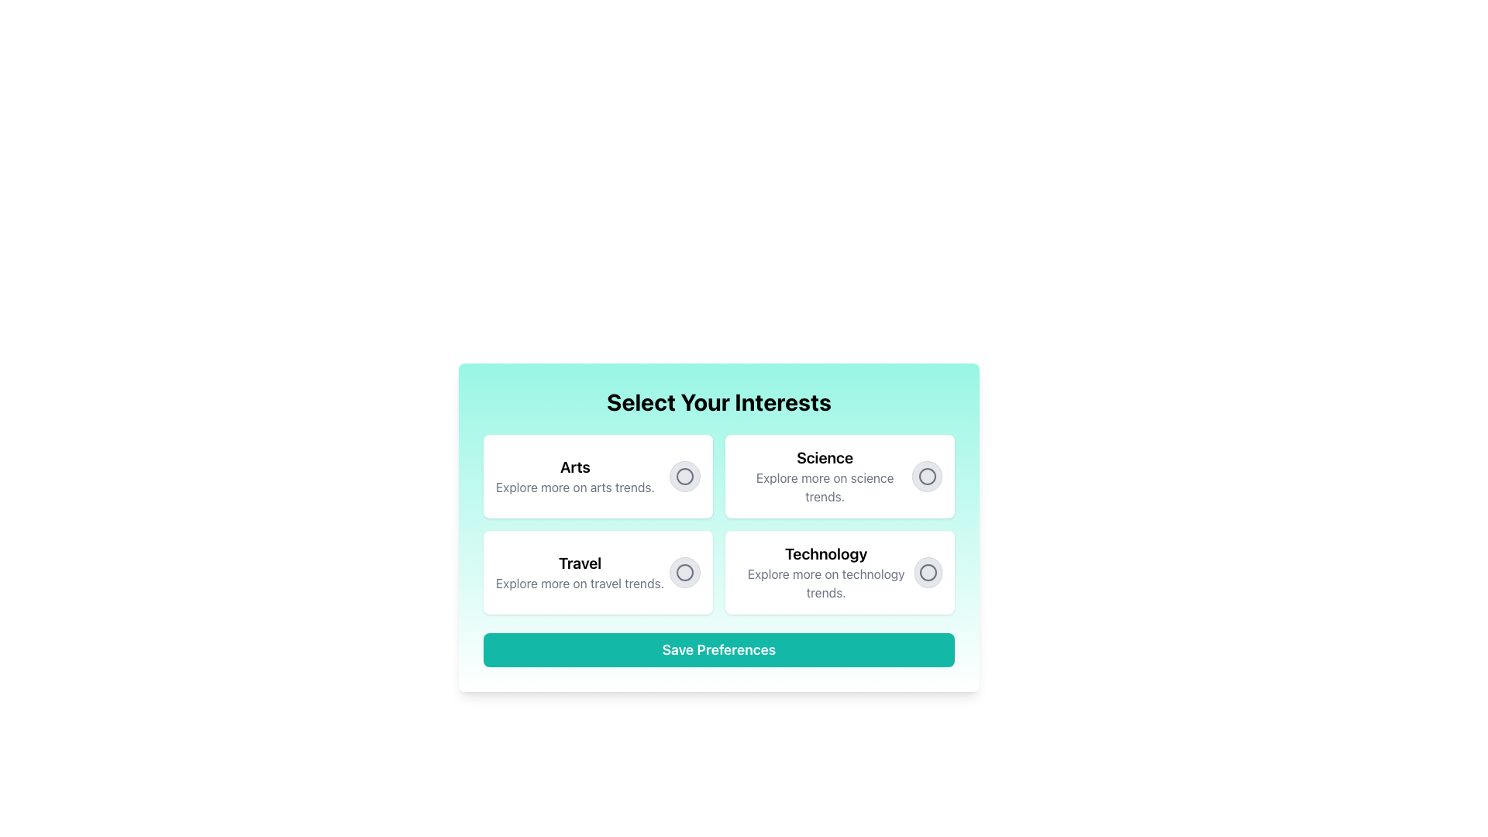 This screenshot has height=837, width=1488. I want to click on the radio button for selecting the 'Science' interest option located in the top-right corner of the block, aligned to the right of the 'Science' label, so click(927, 475).